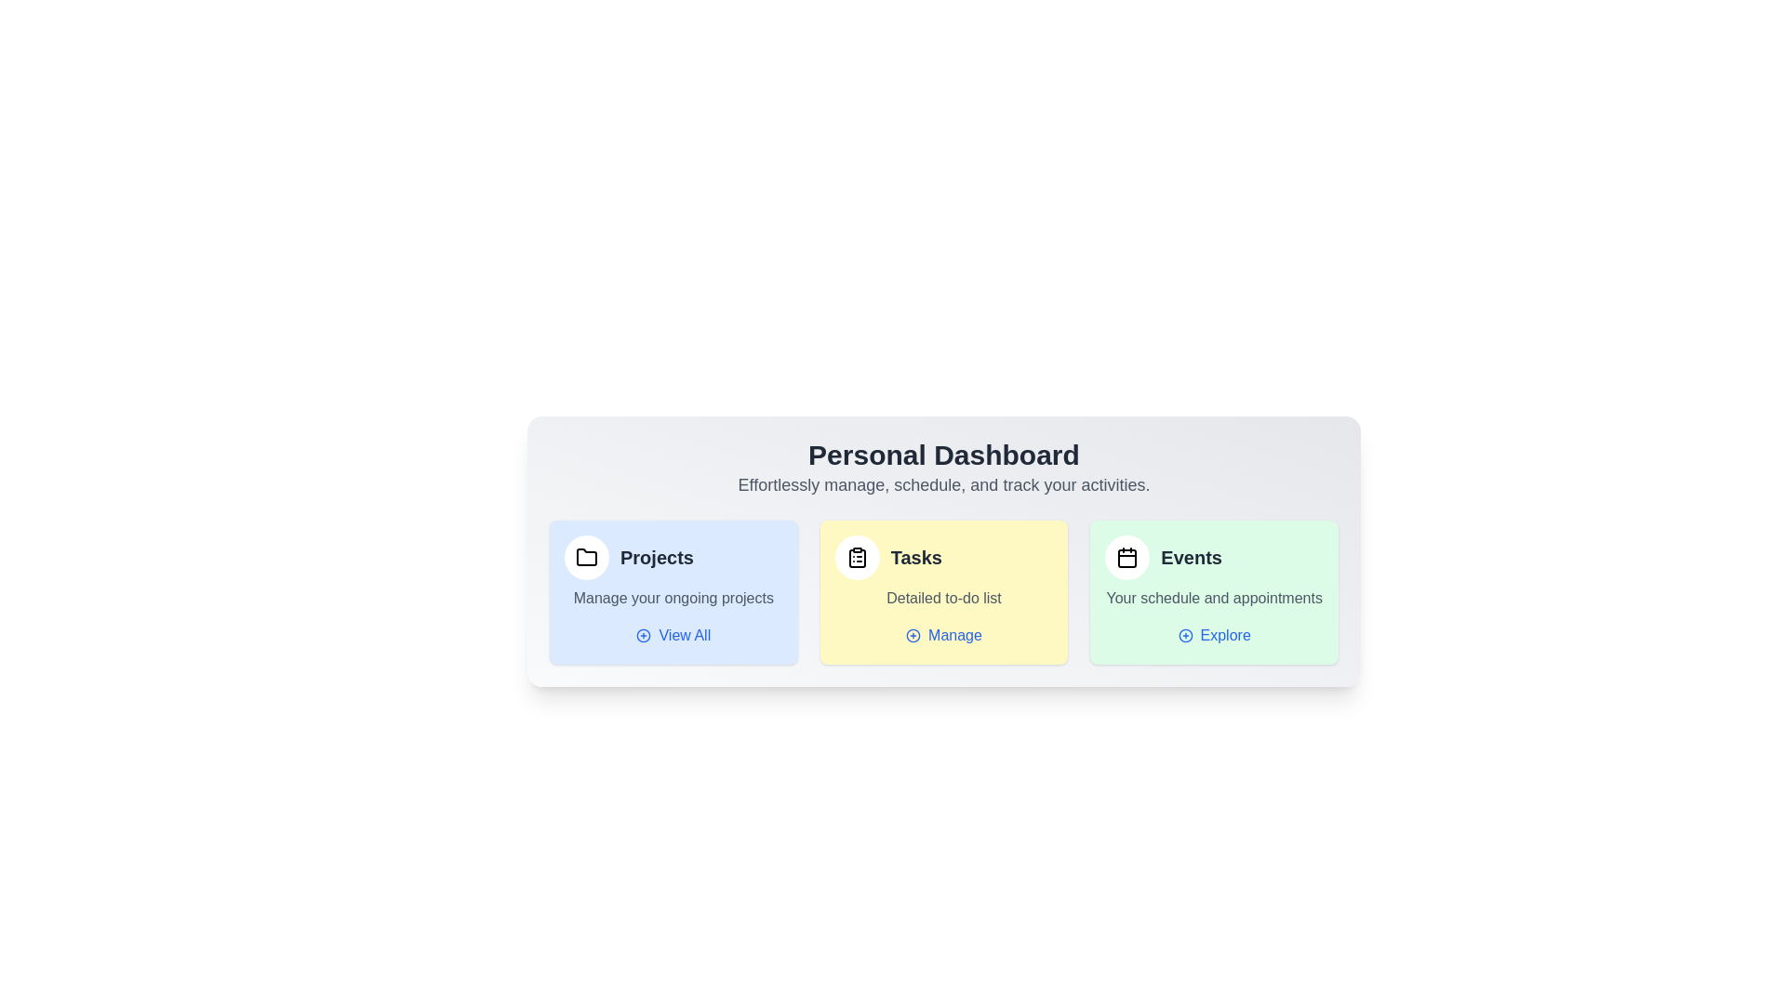  I want to click on the 'Personal Dashboard' title to focus on it, so click(943, 455).